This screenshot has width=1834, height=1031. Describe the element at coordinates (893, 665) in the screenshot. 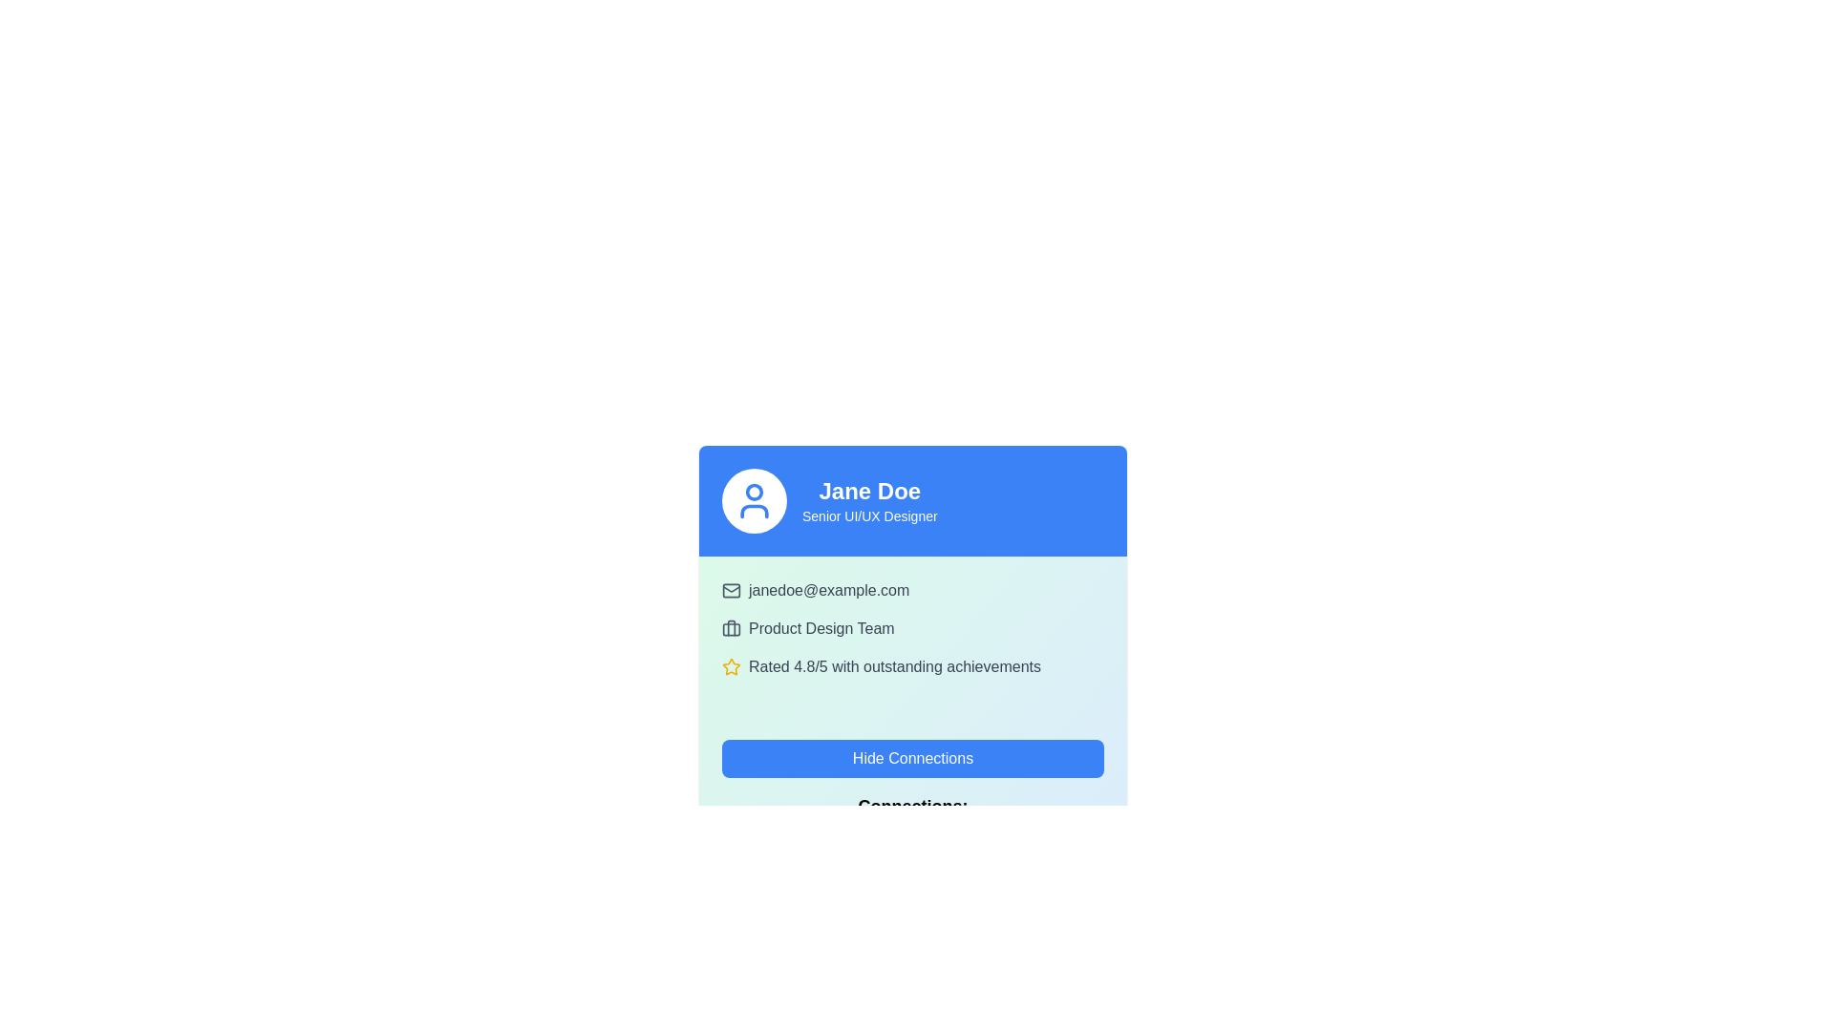

I see `text displayed in the text label that shows the rating summary or achievement description on the profile card, which is located beneath the email address and team description and above the 'Hide Connections' button` at that location.